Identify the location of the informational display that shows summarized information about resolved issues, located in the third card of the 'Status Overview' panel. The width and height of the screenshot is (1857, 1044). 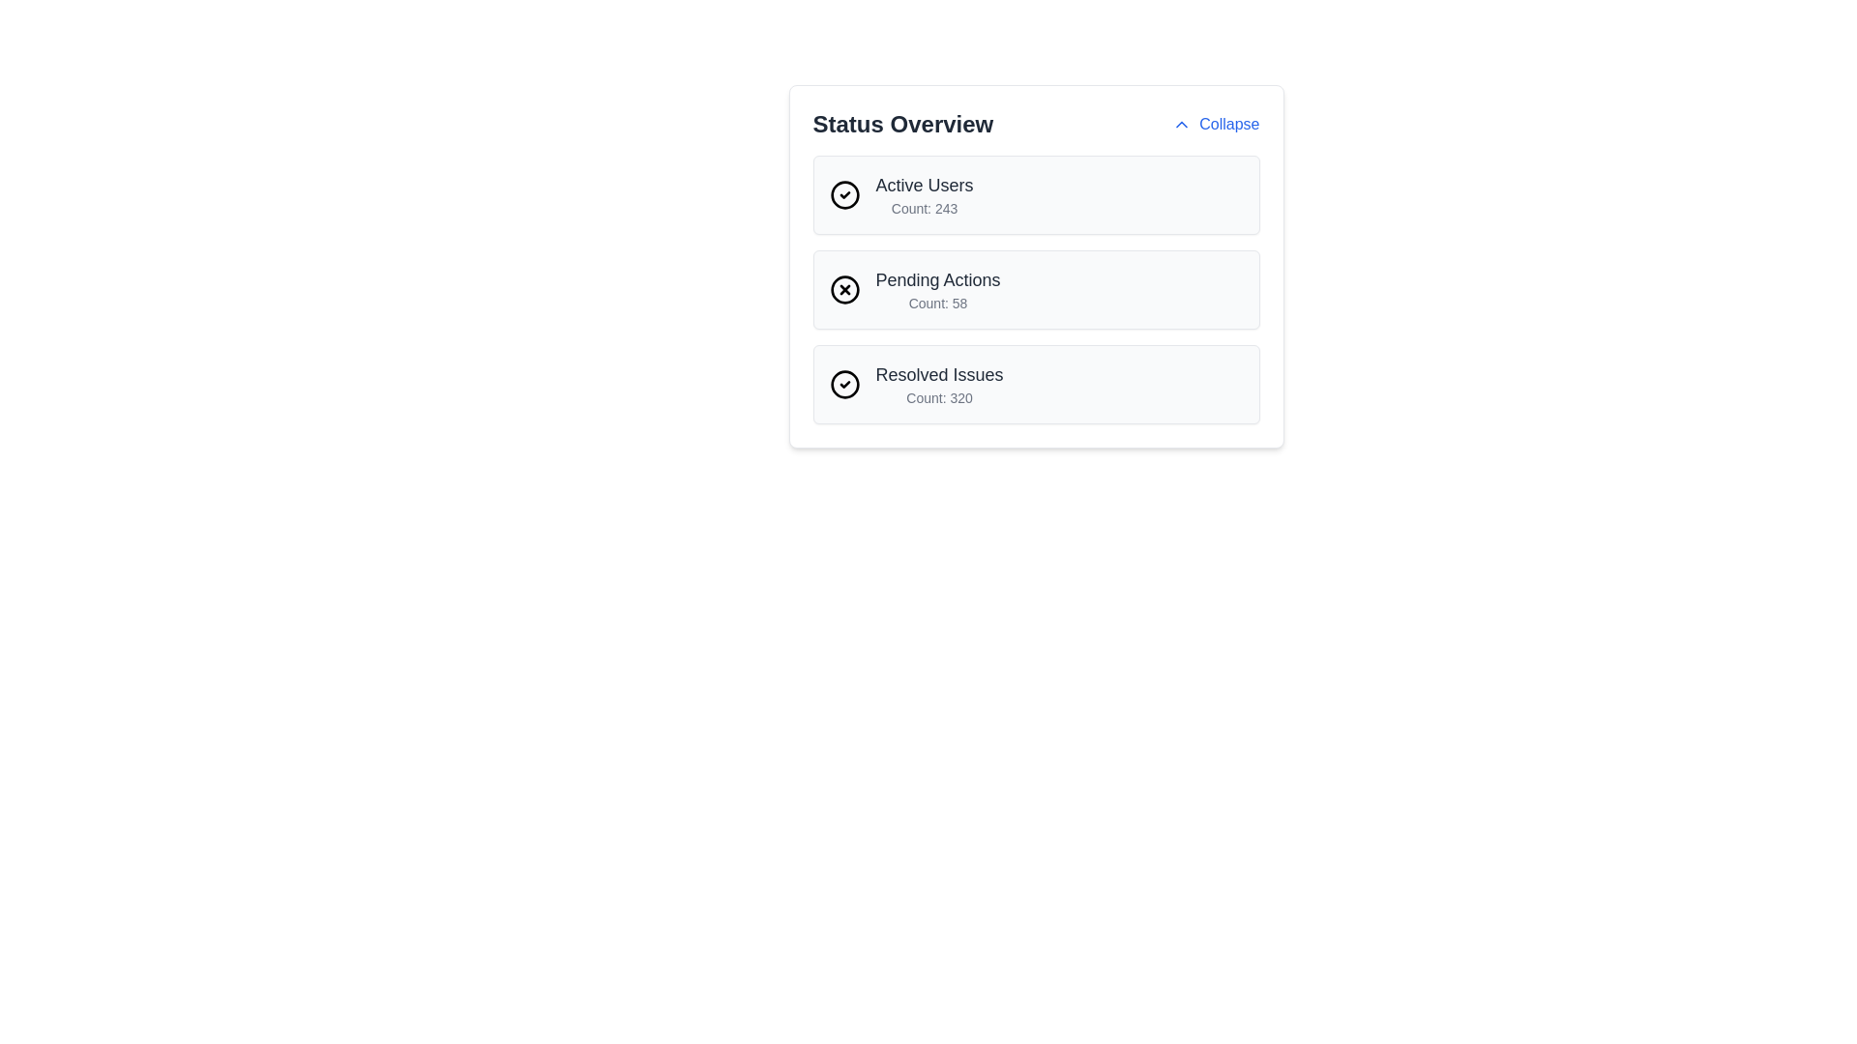
(939, 384).